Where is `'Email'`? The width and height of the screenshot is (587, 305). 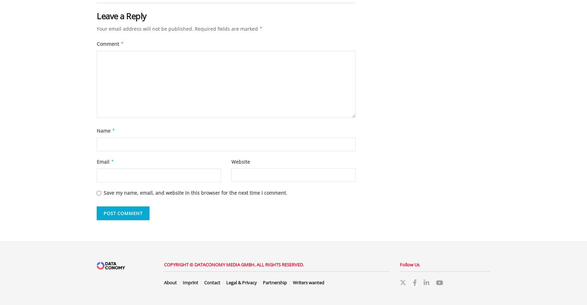 'Email' is located at coordinates (104, 161).